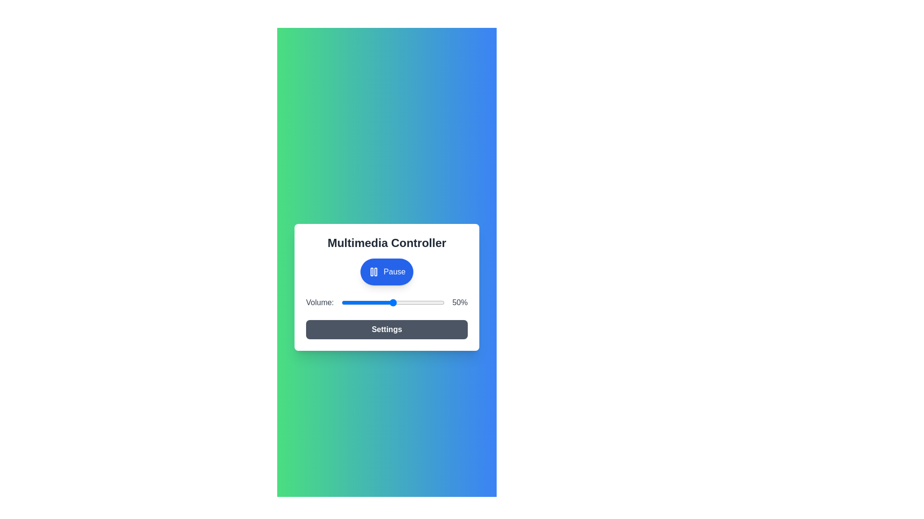  Describe the element at coordinates (387, 272) in the screenshot. I see `the blue, rounded 'Pause' button located in the multimedia controller interface` at that location.